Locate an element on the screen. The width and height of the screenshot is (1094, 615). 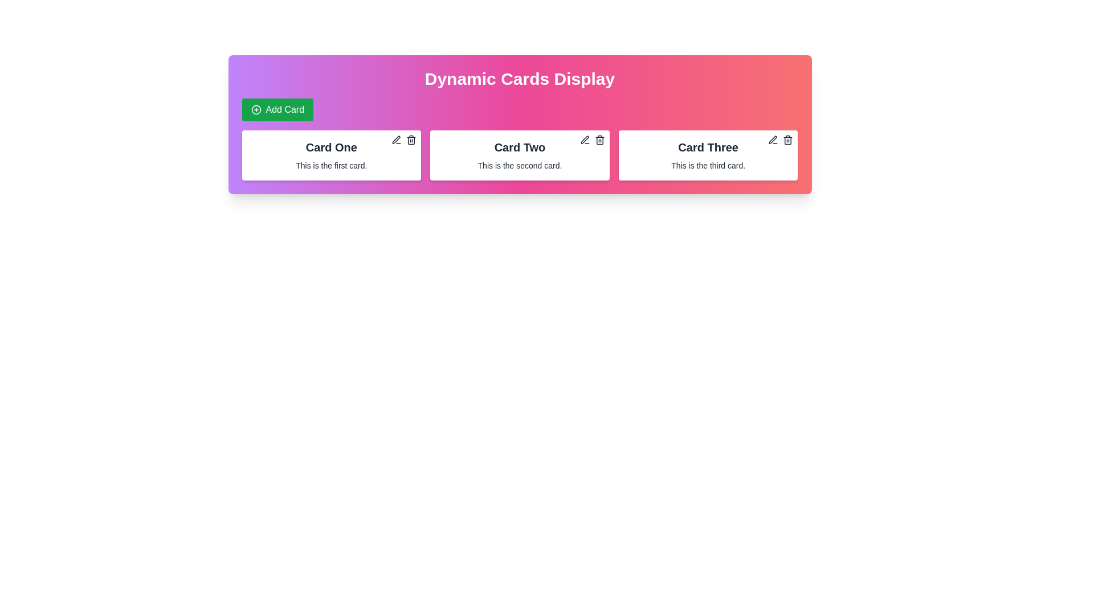
the edit button/icon located at the top-right of 'Card Two' to observe the color change effect is located at coordinates (585, 140).